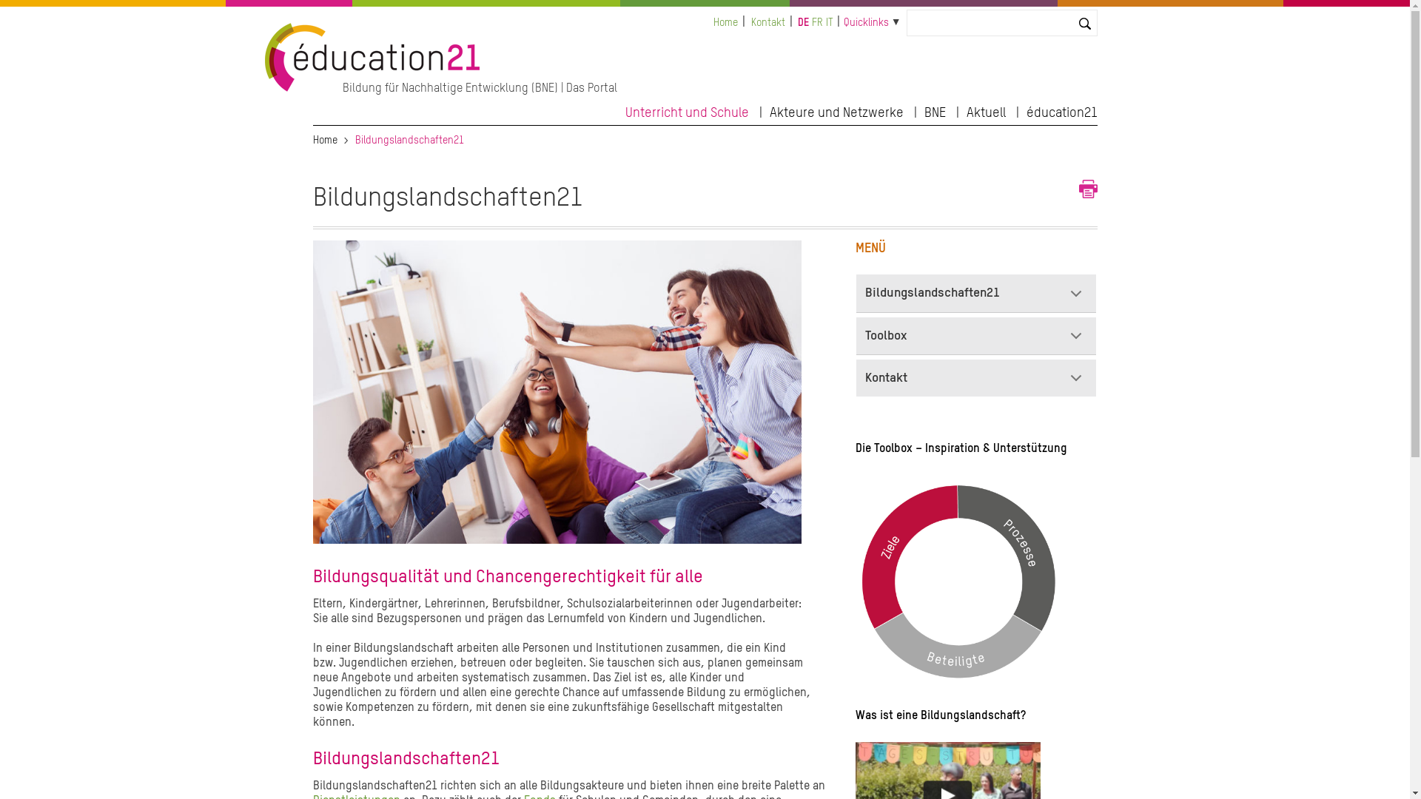  I want to click on 'Bildungslandschaften21', so click(856, 293).